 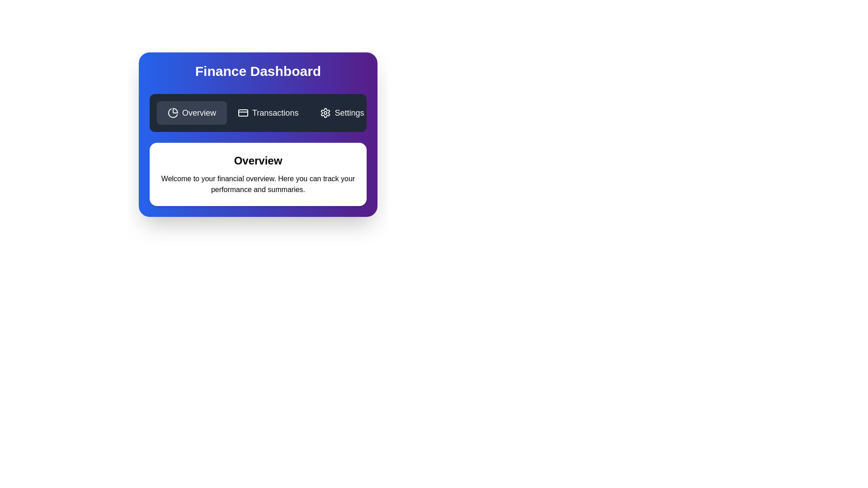 What do you see at coordinates (258, 174) in the screenshot?
I see `the Static informational card that provides an overview of financial tools in the Finance Dashboard, located centrally below the interactive options` at bounding box center [258, 174].